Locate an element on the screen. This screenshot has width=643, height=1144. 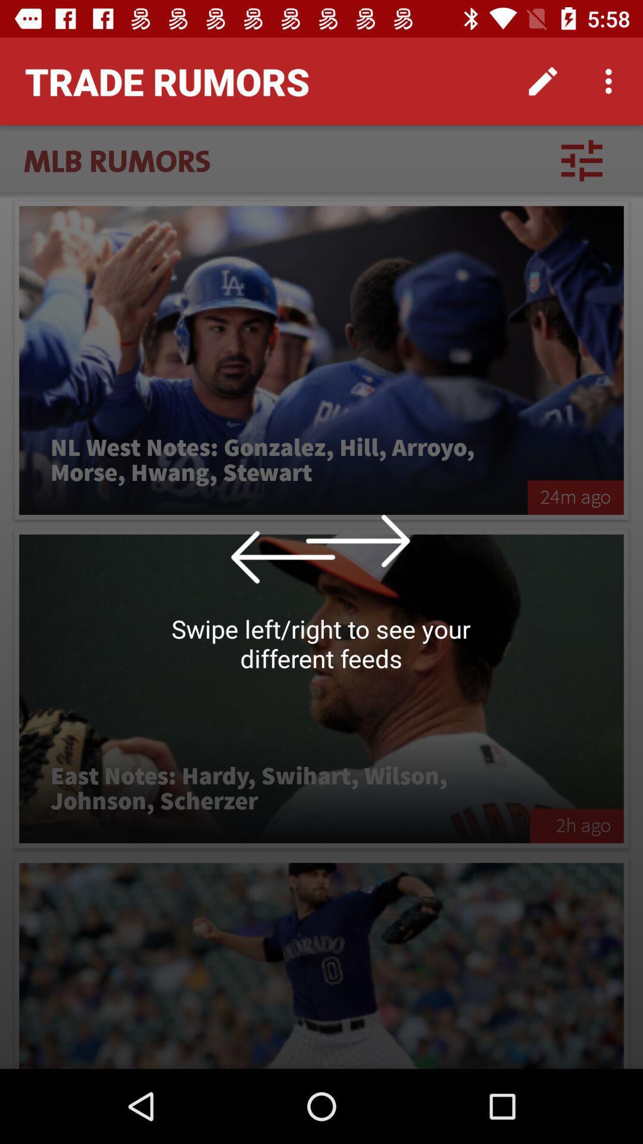
item at the bottom right corner is located at coordinates (576, 825).